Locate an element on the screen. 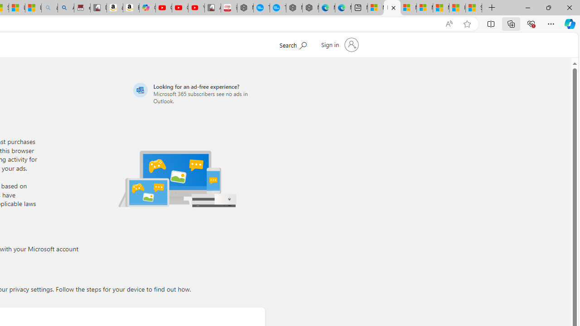 The image size is (580, 326). 'amazon - Search - Sleeping' is located at coordinates (49, 8).